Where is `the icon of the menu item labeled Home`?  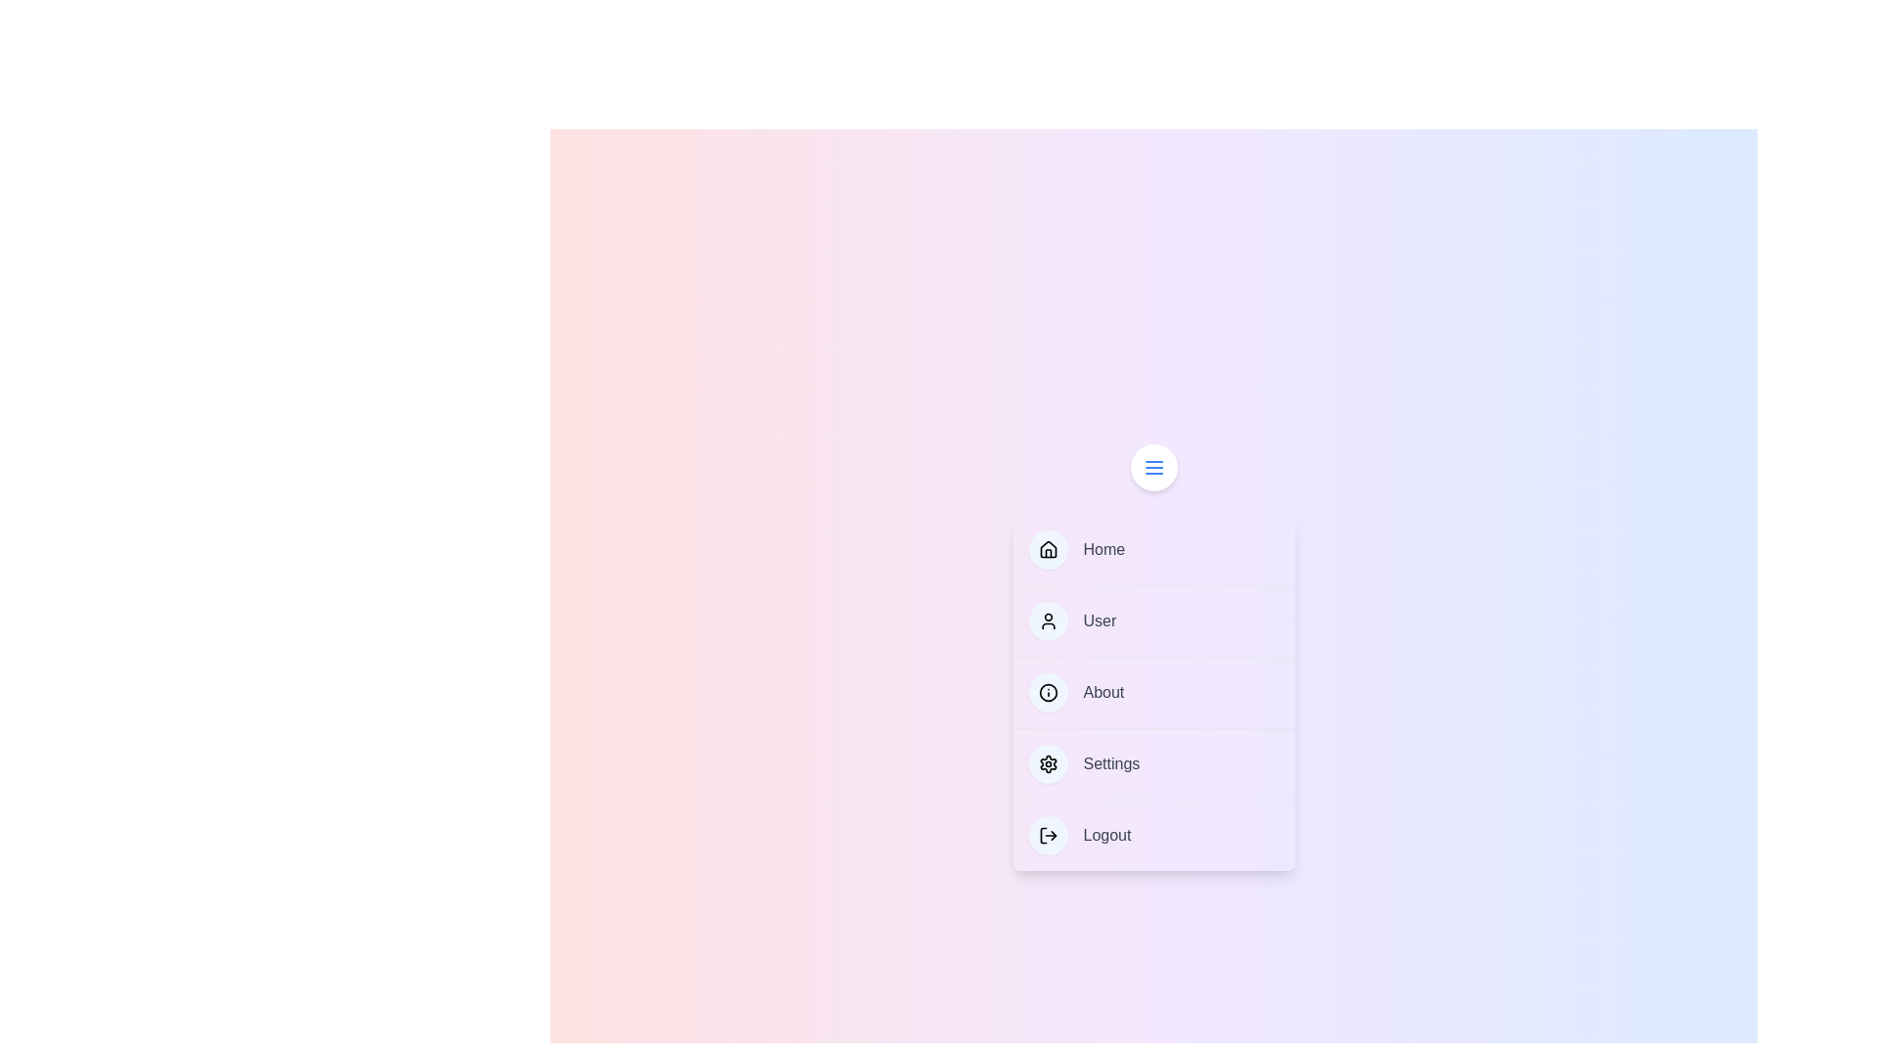
the icon of the menu item labeled Home is located at coordinates (1047, 550).